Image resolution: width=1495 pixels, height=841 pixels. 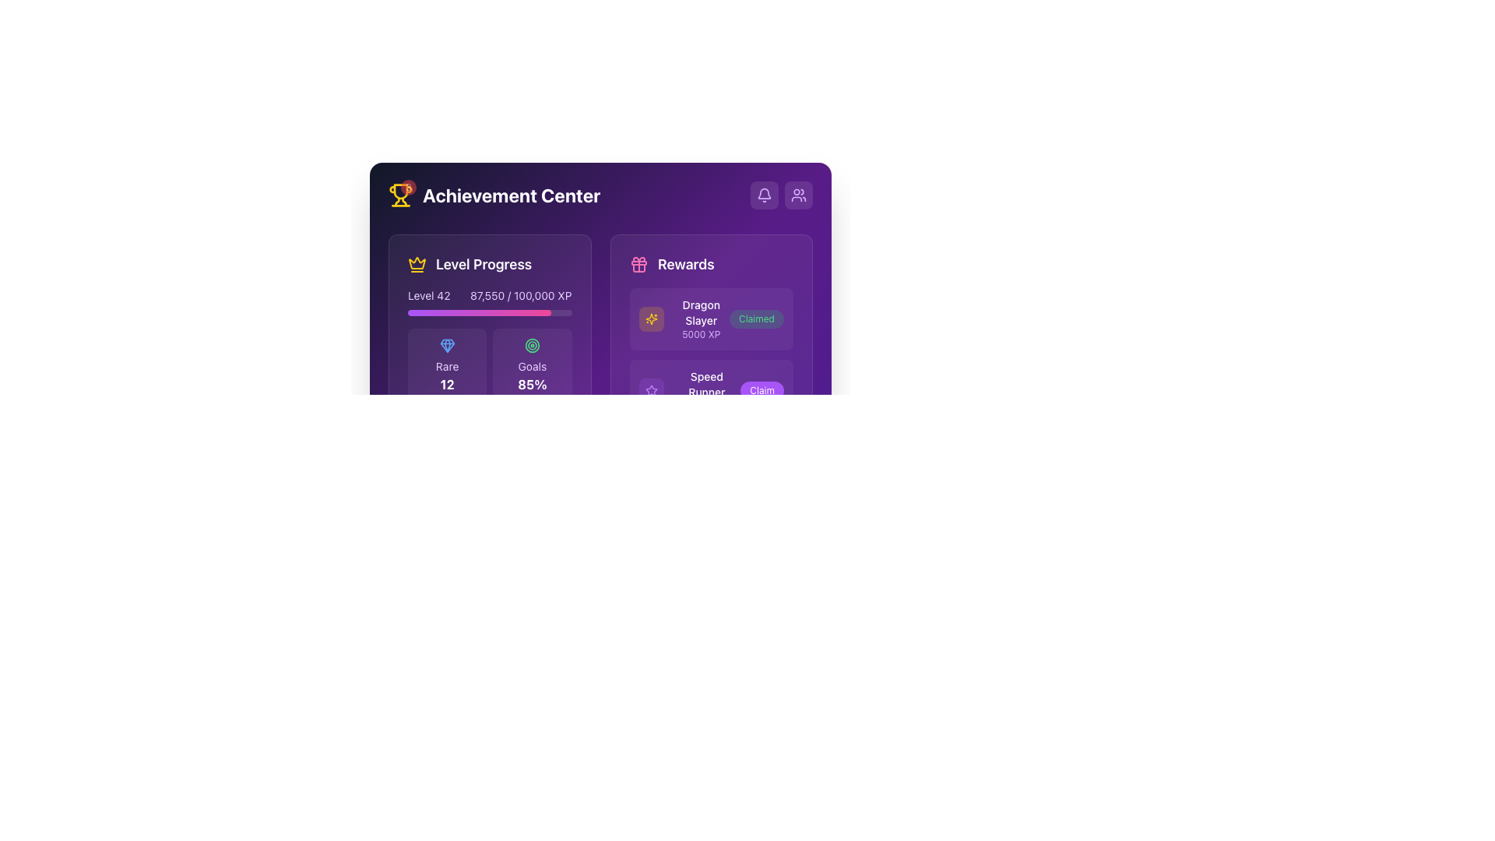 I want to click on the Text Label displaying '5000 XP', which is styled in purple and located below the 'Dragon Slayer' text in the 'Rewards' section, so click(x=700, y=333).